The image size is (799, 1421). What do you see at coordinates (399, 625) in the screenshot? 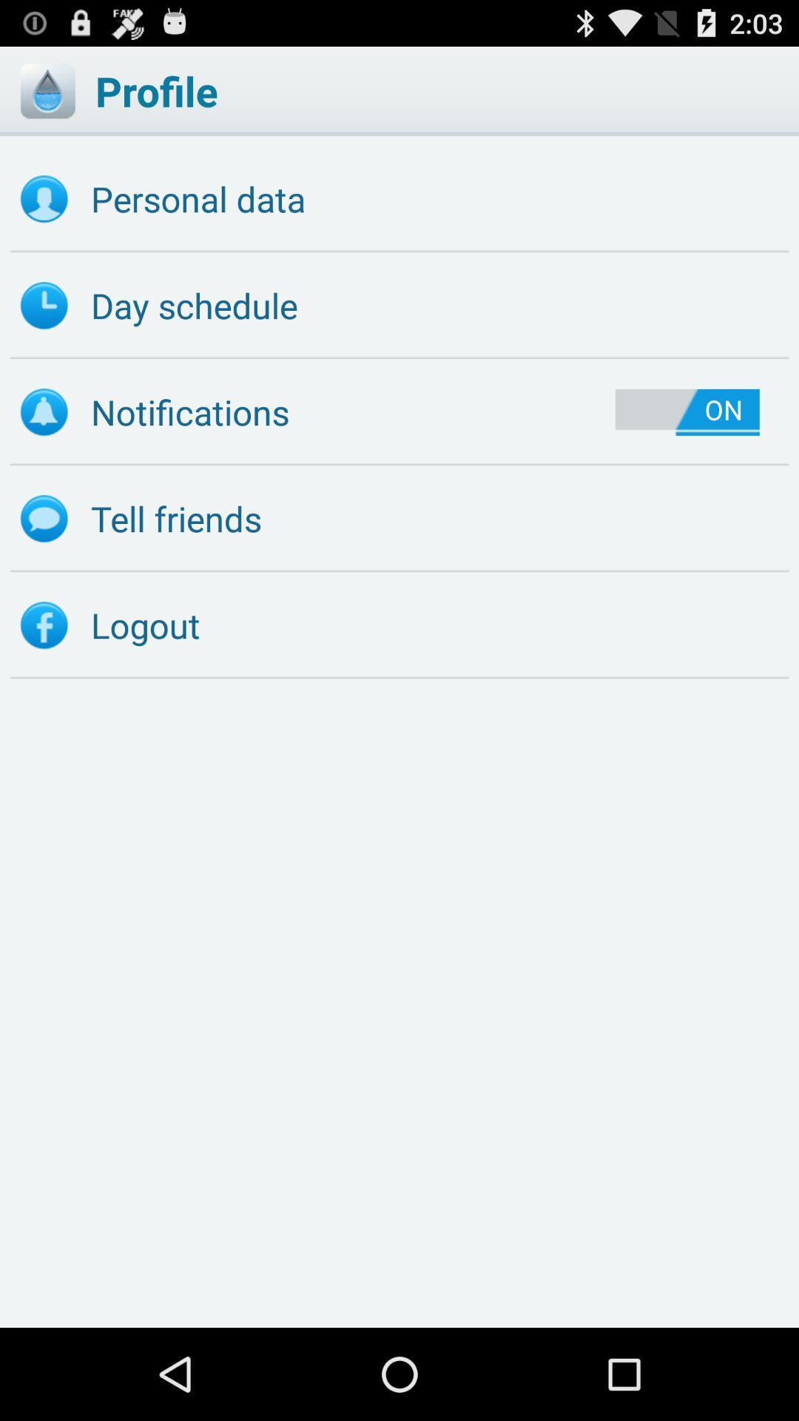
I see `the logout item` at bounding box center [399, 625].